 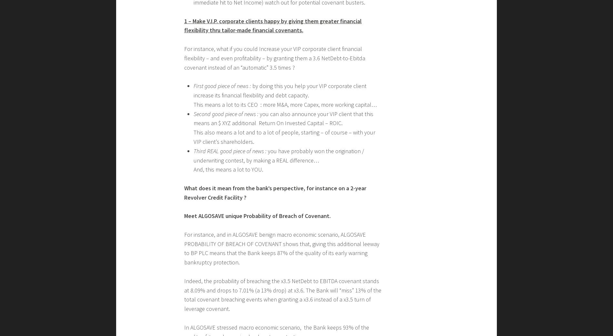 I want to click on 'ALGOSAVE unique PROBABILITY OF BREACH OF COVENANT, it is now EASY to :', so click(x=281, y=218).